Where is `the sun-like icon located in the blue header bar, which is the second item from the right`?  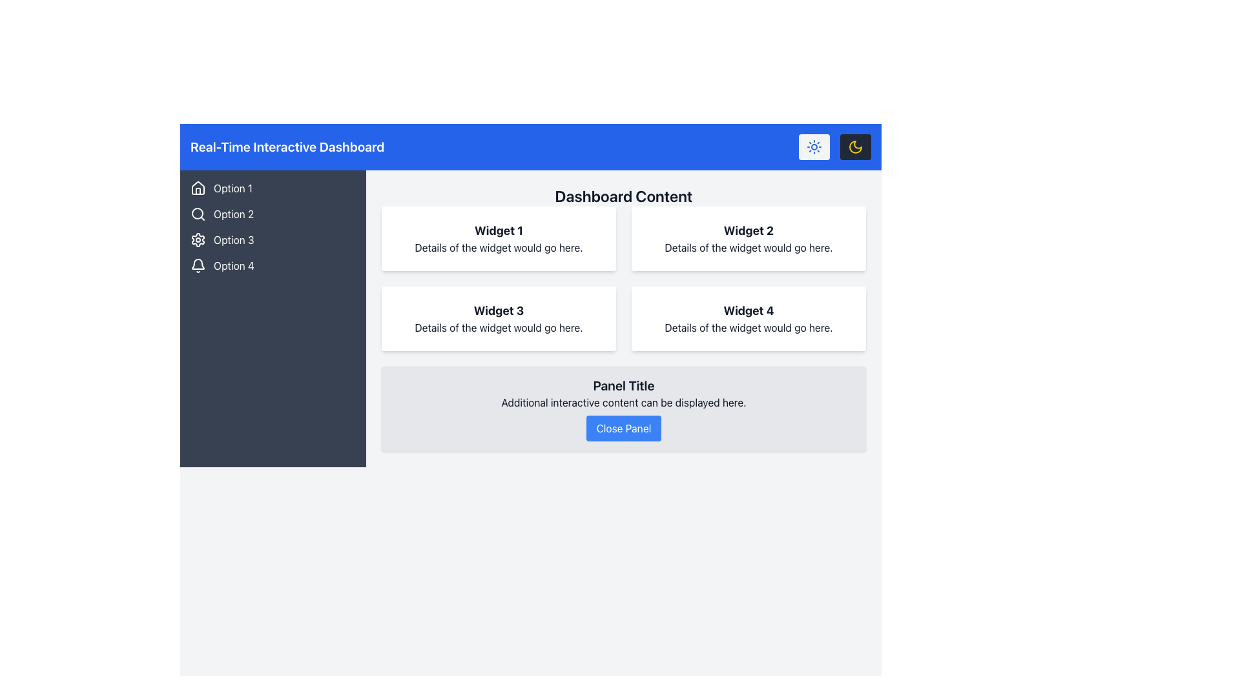 the sun-like icon located in the blue header bar, which is the second item from the right is located at coordinates (814, 146).